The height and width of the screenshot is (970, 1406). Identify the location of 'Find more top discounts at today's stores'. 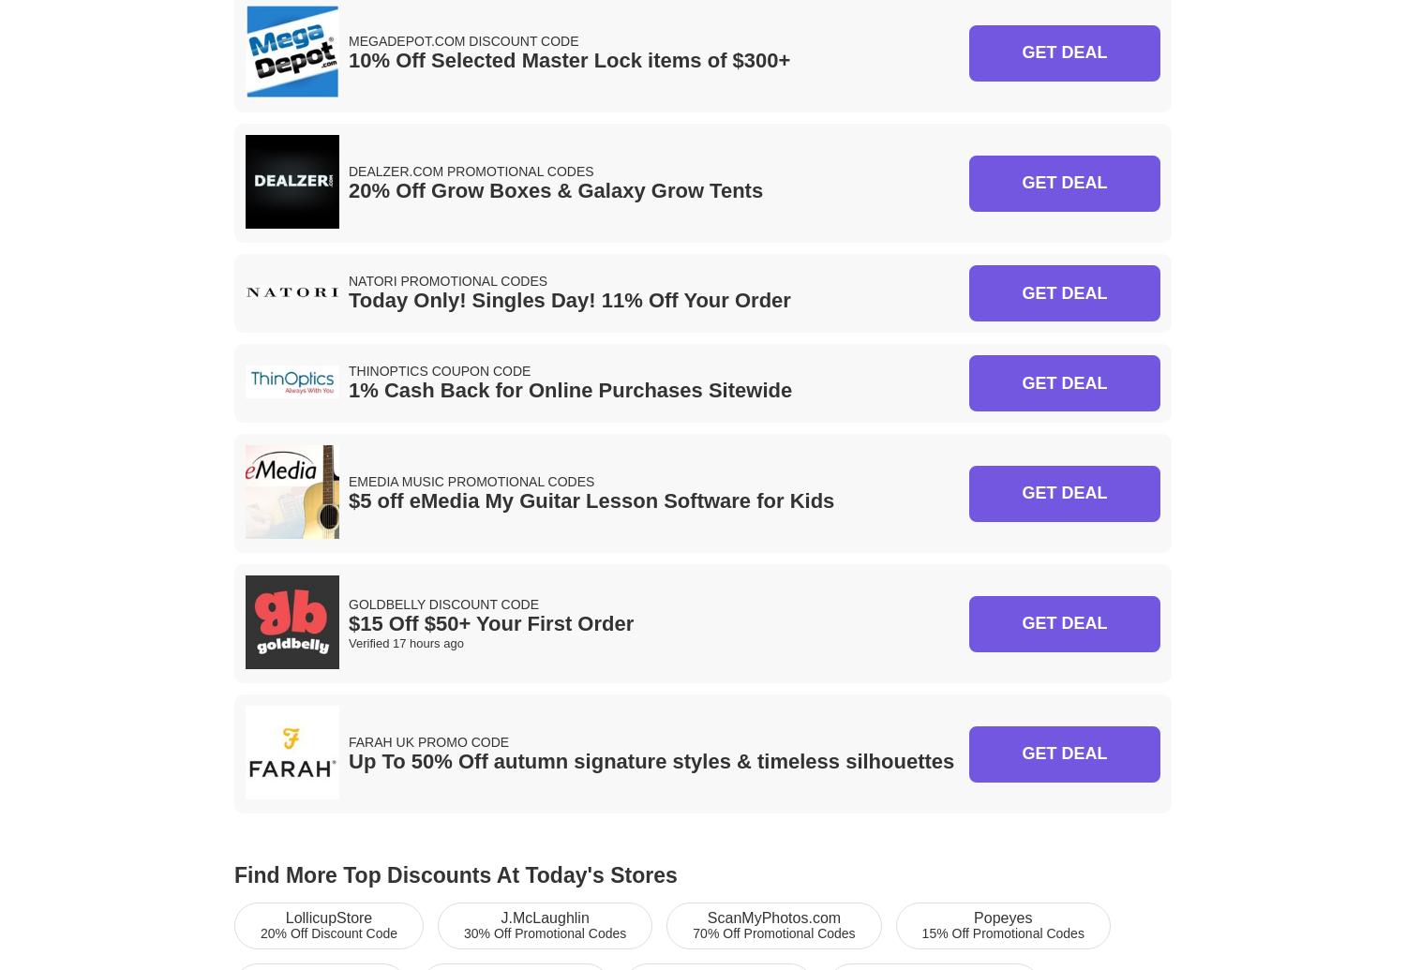
(455, 873).